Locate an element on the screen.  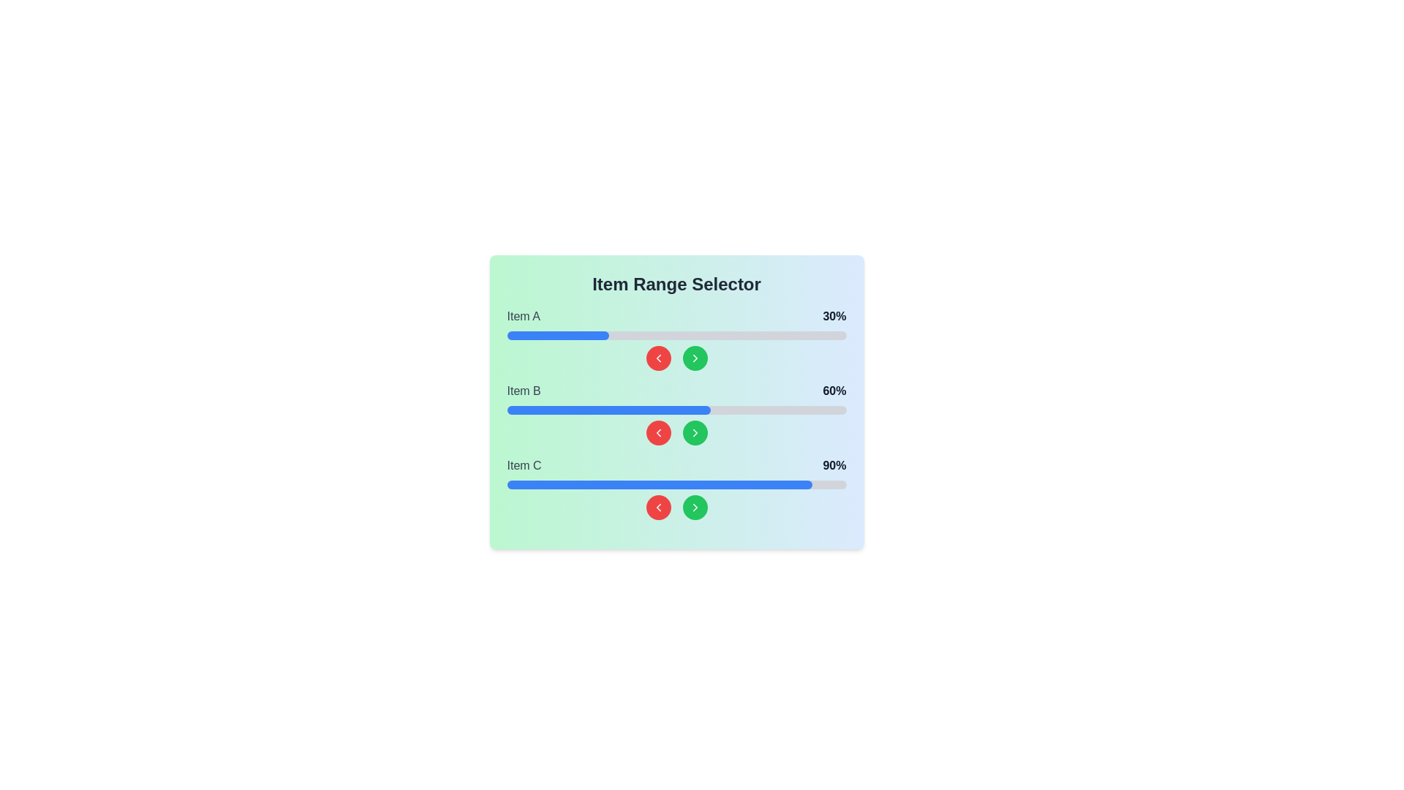
the value of Item C slider is located at coordinates (513, 485).